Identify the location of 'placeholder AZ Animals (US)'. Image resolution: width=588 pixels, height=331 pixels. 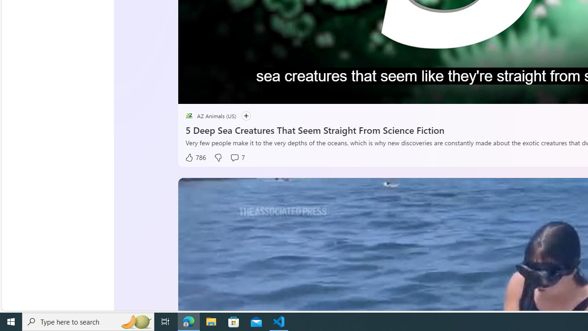
(210, 115).